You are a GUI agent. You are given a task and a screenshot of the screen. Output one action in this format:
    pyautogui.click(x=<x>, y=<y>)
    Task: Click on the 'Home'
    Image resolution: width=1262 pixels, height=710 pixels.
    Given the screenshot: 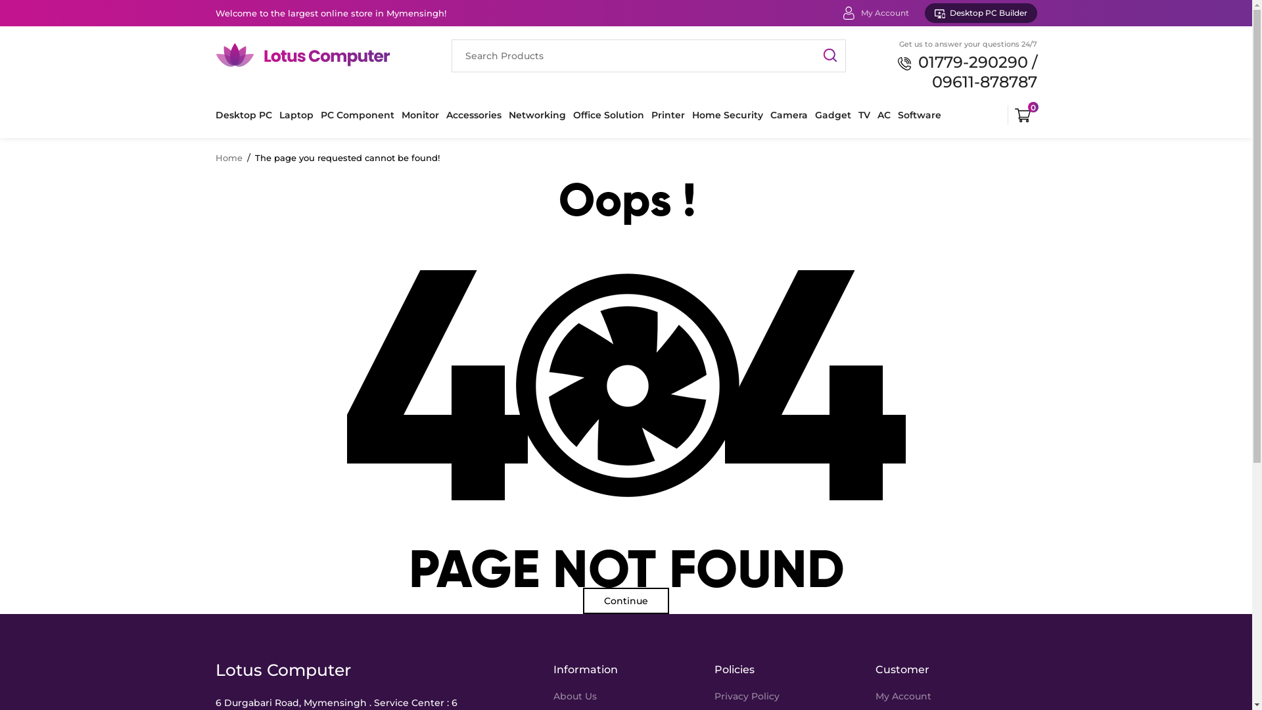 What is the action you would take?
    pyautogui.click(x=229, y=157)
    